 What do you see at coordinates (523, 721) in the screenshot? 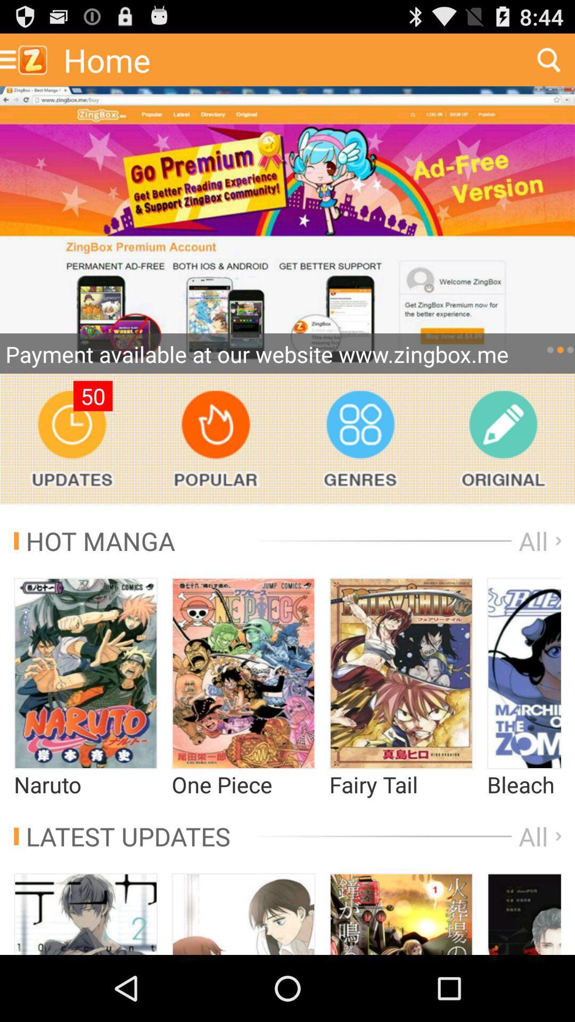
I see `the national_flag icon` at bounding box center [523, 721].